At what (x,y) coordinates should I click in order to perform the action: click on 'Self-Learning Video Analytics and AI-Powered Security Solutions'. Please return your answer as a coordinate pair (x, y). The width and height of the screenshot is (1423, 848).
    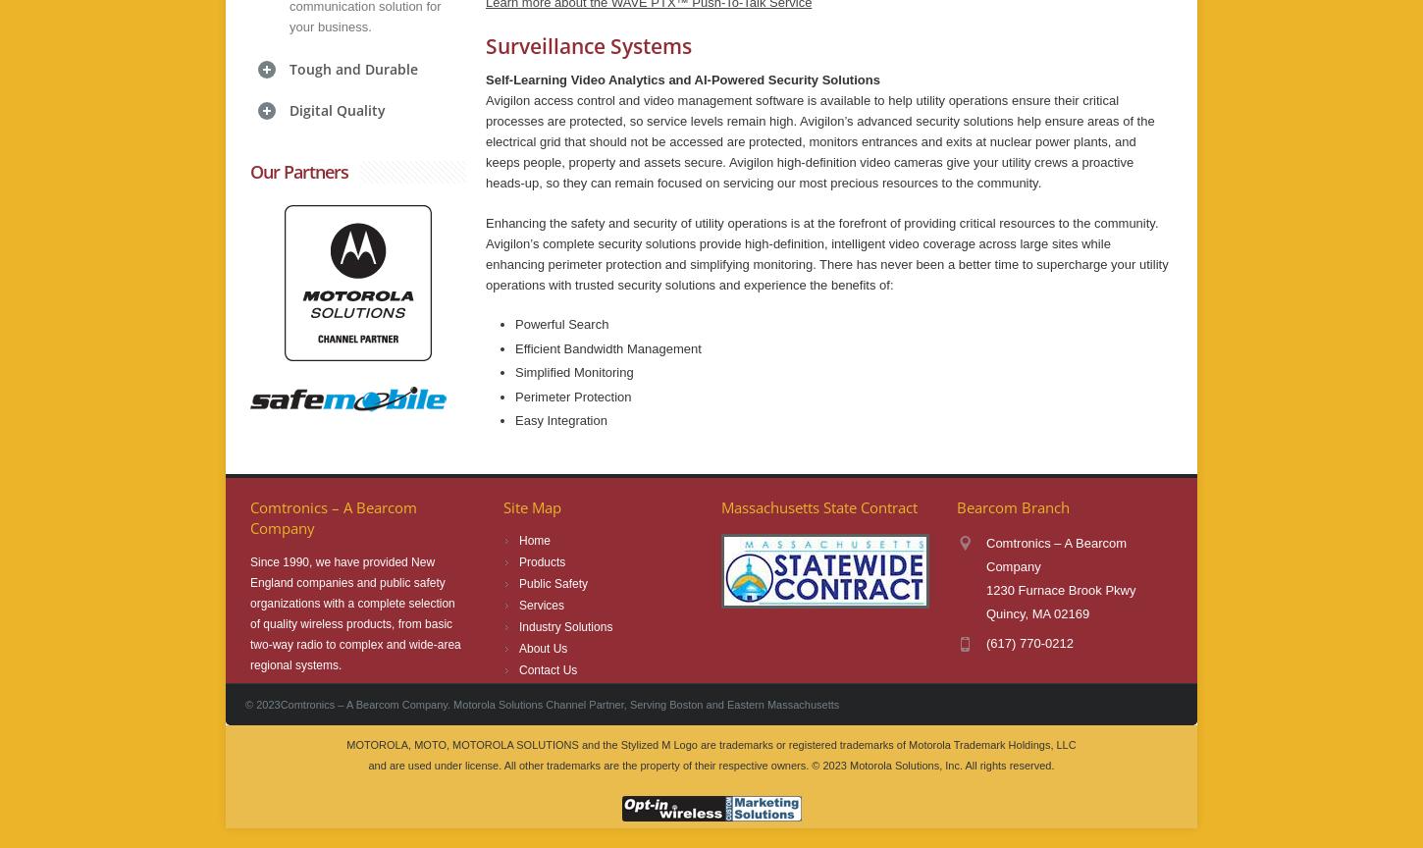
    Looking at the image, I should click on (681, 79).